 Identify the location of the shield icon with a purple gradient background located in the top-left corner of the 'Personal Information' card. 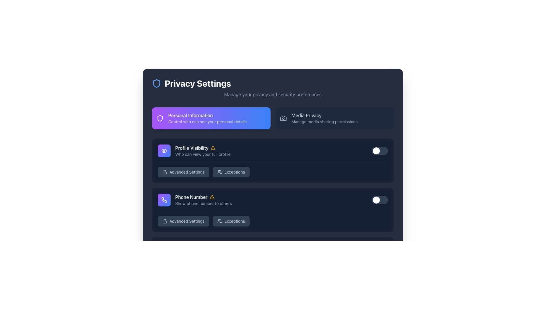
(160, 118).